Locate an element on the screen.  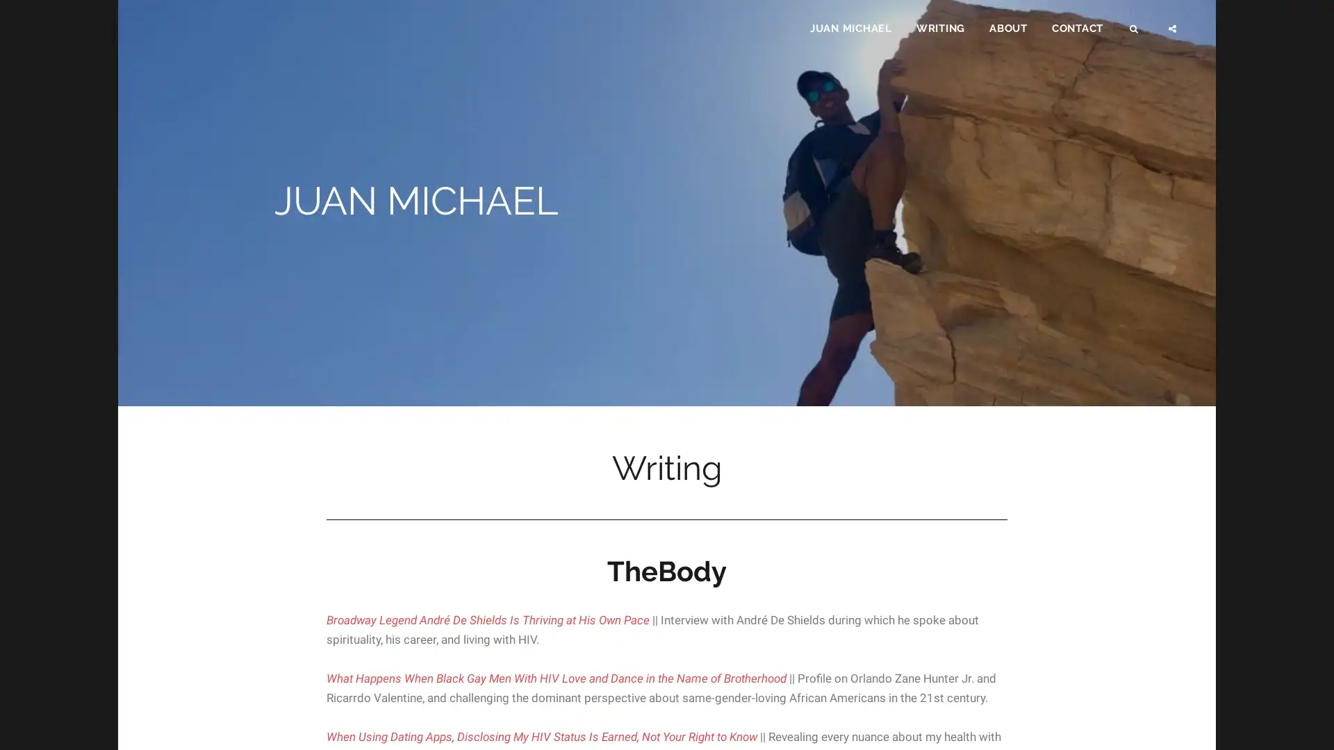
SEARCH is located at coordinates (1135, 32).